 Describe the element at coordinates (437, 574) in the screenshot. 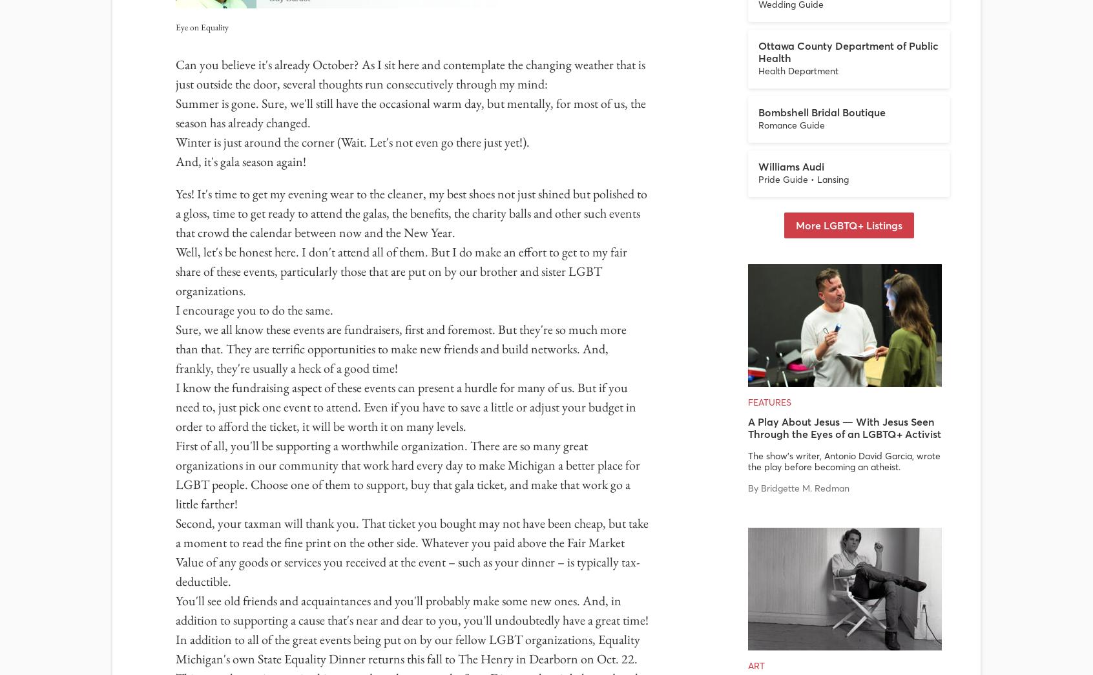

I see `'Features'` at that location.